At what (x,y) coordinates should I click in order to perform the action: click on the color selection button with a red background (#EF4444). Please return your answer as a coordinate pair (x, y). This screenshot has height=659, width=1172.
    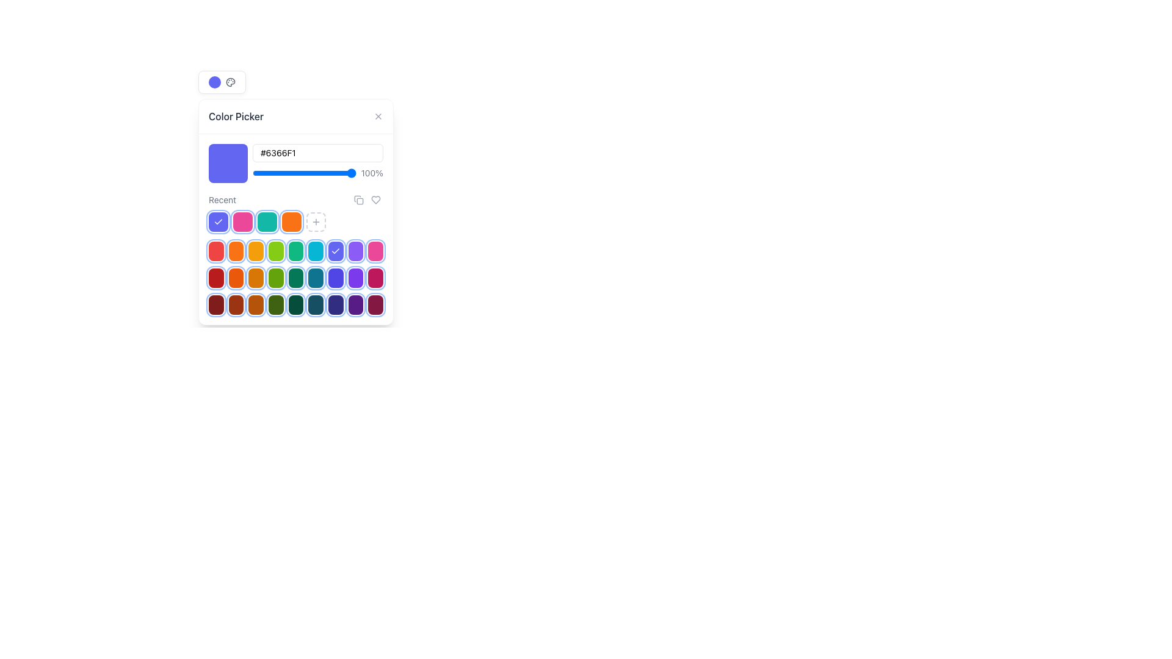
    Looking at the image, I should click on (216, 251).